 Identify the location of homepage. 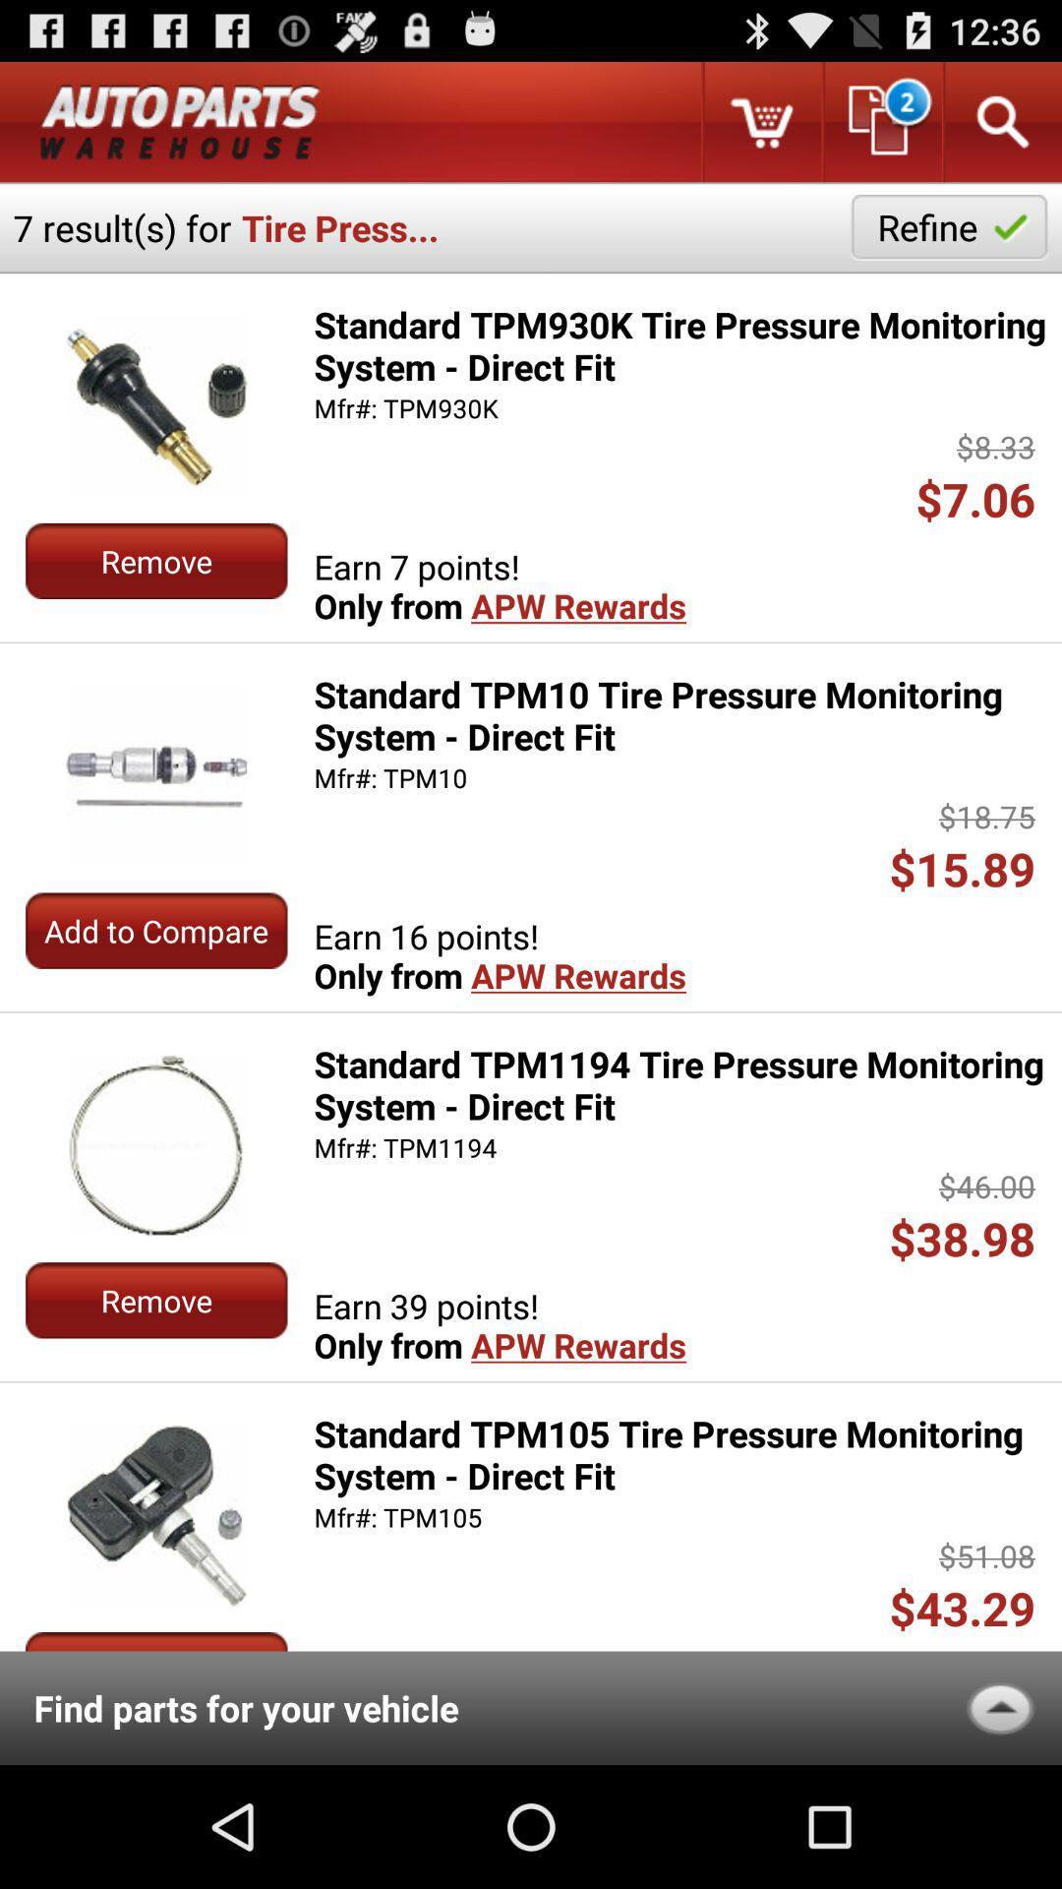
(180, 121).